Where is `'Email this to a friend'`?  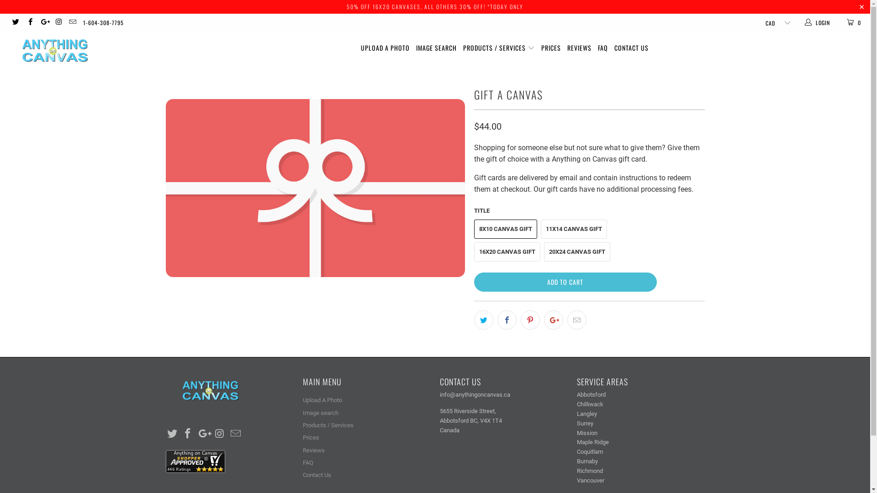
'Email this to a friend' is located at coordinates (576, 320).